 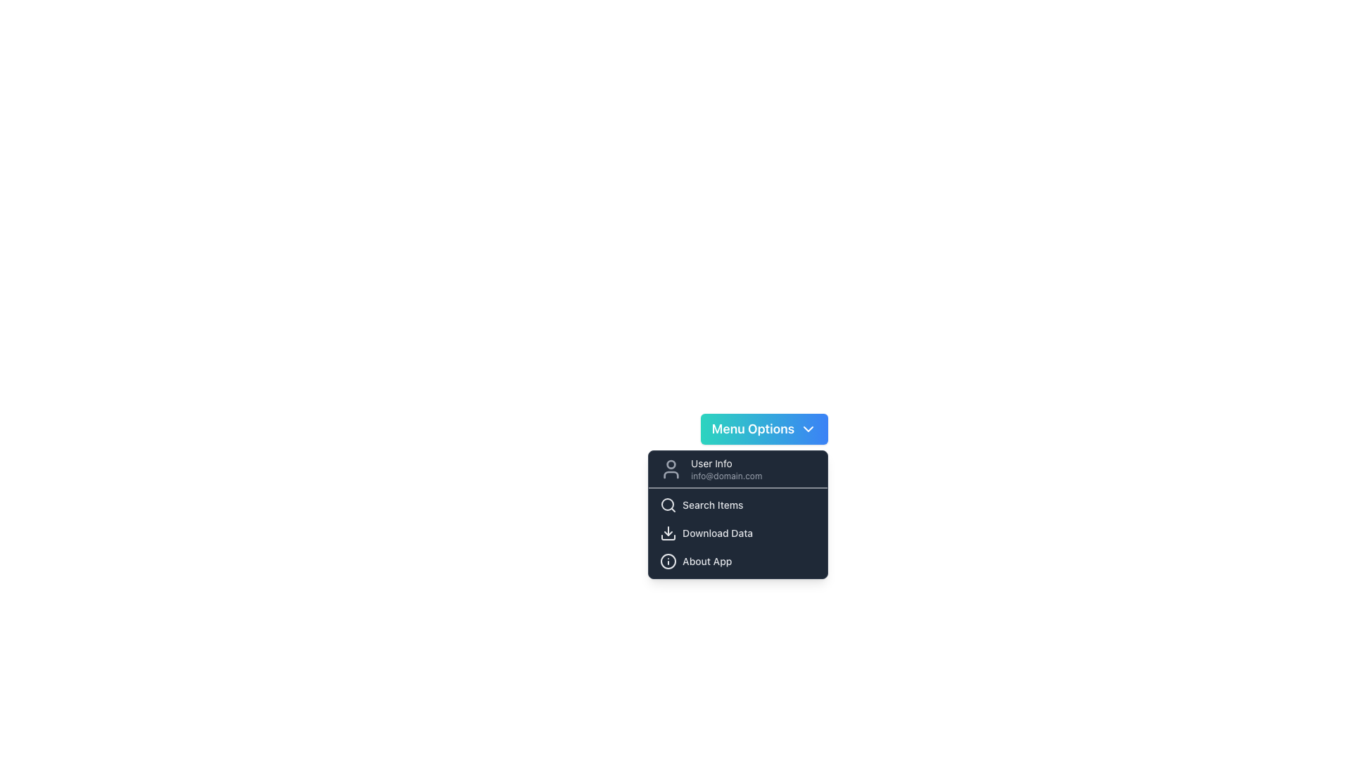 I want to click on the download button located beneath the 'Search Items' option in the vertical menu to change its background, so click(x=737, y=533).